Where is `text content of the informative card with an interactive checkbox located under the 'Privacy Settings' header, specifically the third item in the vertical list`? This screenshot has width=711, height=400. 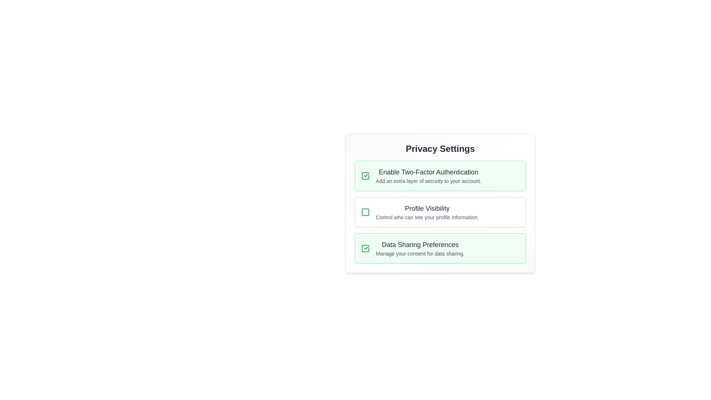
text content of the informative card with an interactive checkbox located under the 'Privacy Settings' header, specifically the third item in the vertical list is located at coordinates (440, 249).